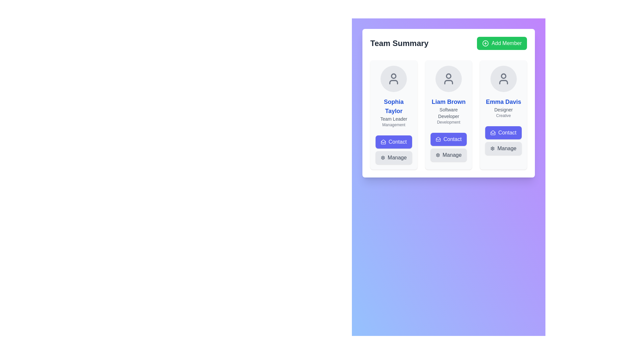 The width and height of the screenshot is (632, 355). I want to click on the icon representing team member 'Liam Brown', which is centrally located in the second card of a row containing three team member cards, so click(448, 78).